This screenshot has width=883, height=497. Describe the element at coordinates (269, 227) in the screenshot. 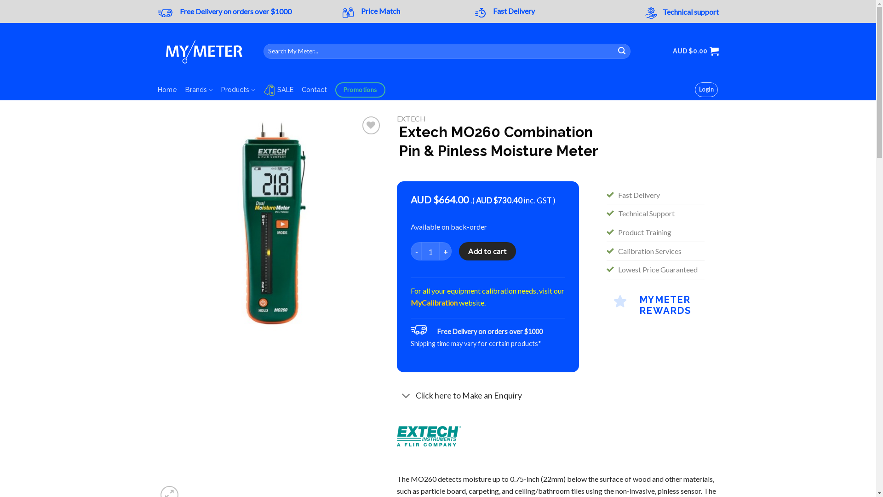

I see `'Extech MO260 Combination Pin & Pinless Moisture Meter'` at that location.